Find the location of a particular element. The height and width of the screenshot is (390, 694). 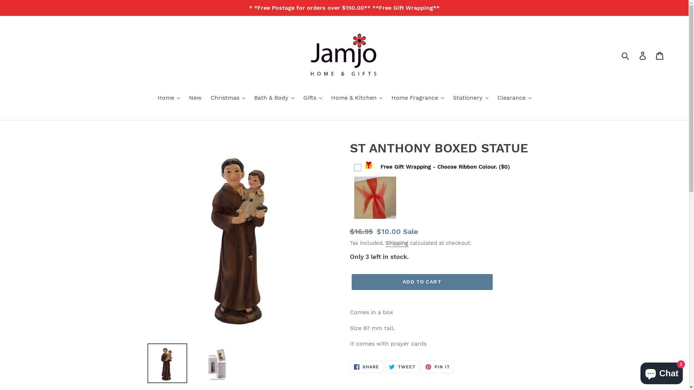

'New' is located at coordinates (195, 98).